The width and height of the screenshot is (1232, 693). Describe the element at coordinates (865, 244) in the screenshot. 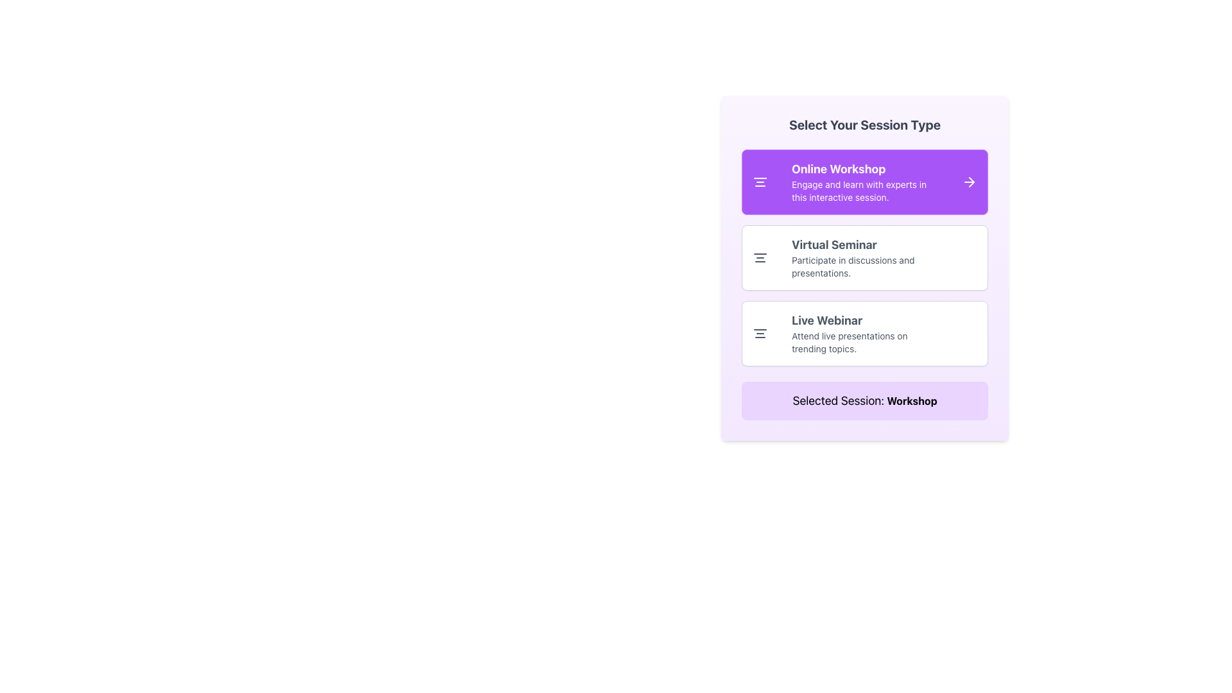

I see `the Text Label that serves as a title for the virtual seminar card, located in the top portion of the middle card of three vertically aligned cards` at that location.